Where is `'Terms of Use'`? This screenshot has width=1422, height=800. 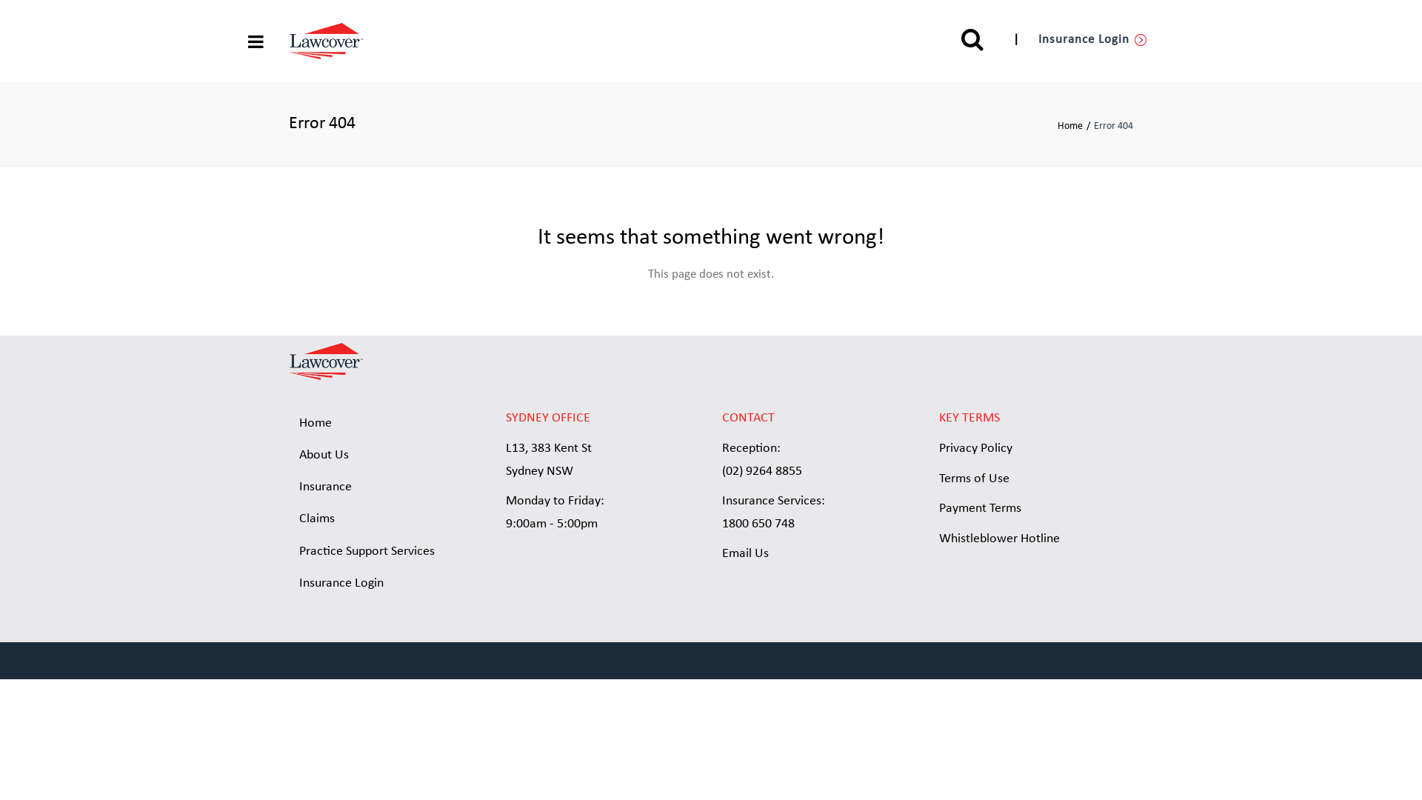
'Terms of Use' is located at coordinates (974, 479).